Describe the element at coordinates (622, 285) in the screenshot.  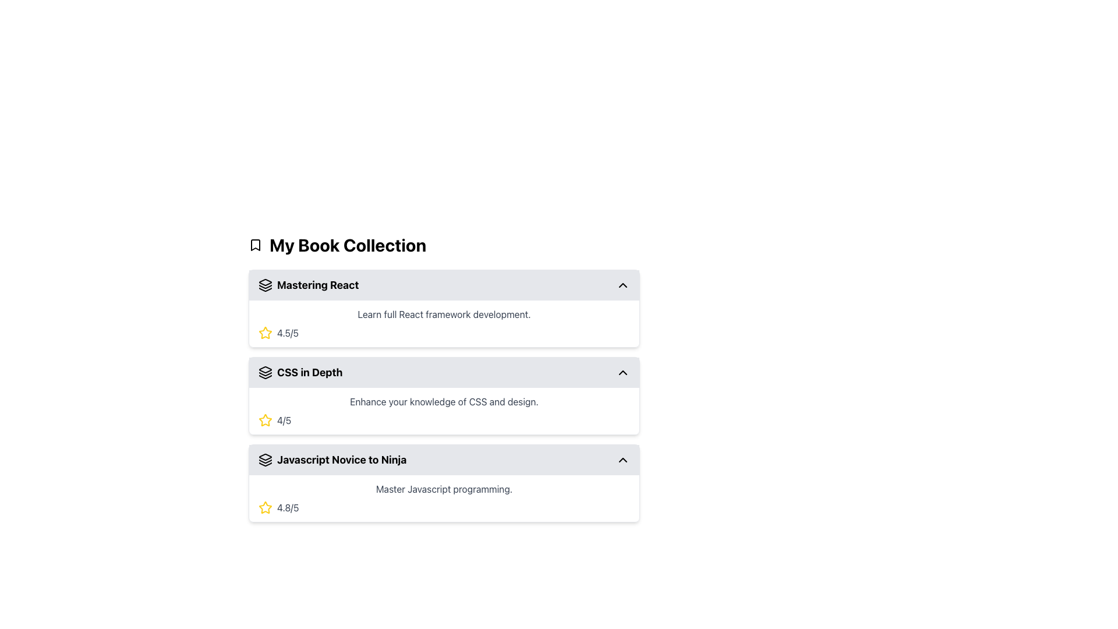
I see `the upward-pointing chevron icon located to the right of the 'Mastering React' header text within the gray background bar` at that location.